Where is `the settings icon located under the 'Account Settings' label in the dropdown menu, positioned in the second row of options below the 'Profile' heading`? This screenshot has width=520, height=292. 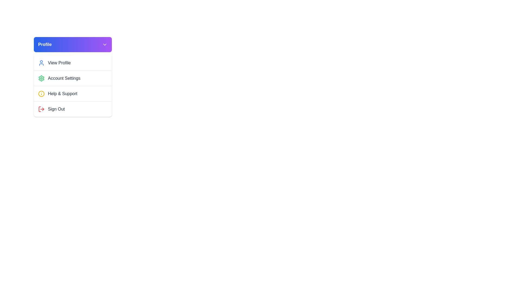
the settings icon located under the 'Account Settings' label in the dropdown menu, positioned in the second row of options below the 'Profile' heading is located at coordinates (41, 78).